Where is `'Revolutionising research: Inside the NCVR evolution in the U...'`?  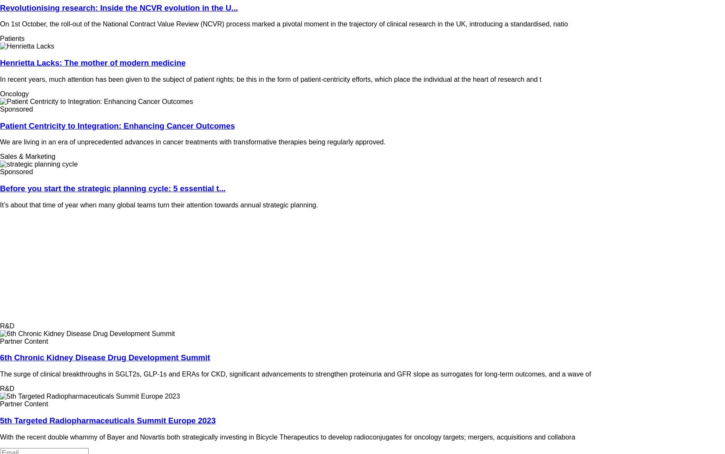 'Revolutionising research: Inside the NCVR evolution in the U...' is located at coordinates (119, 7).